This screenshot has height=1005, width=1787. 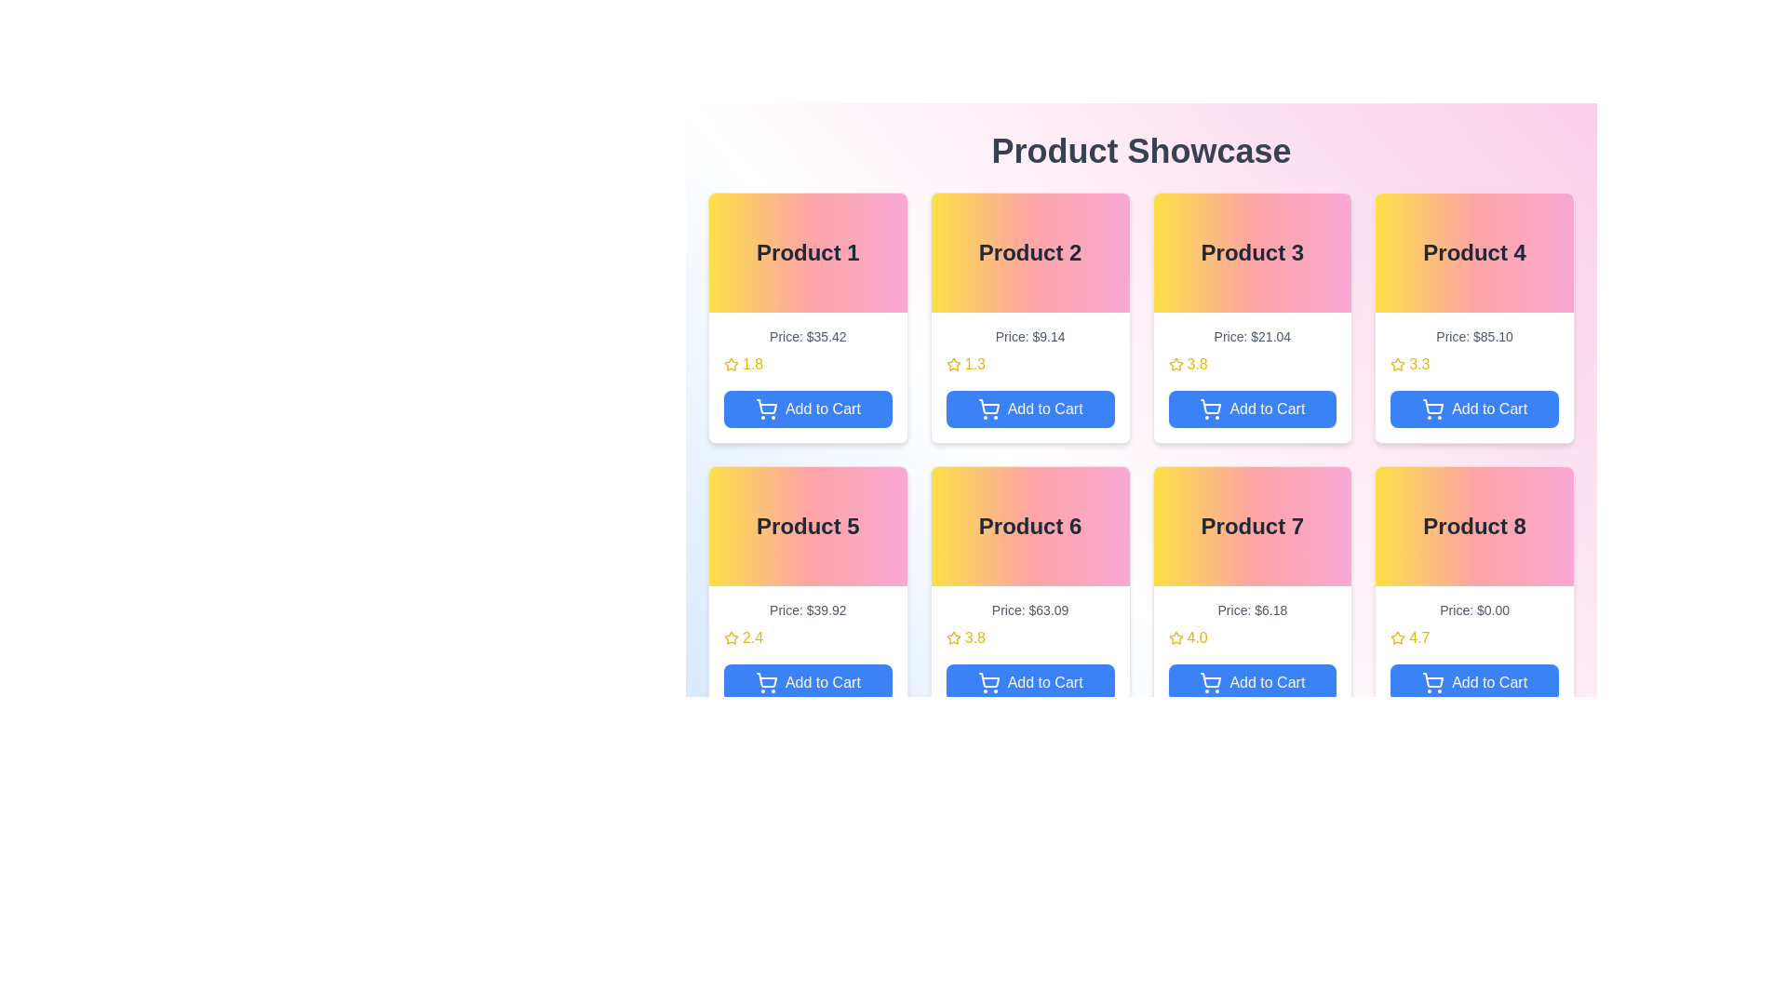 I want to click on the first star icon in the rating system of the product card for 'Product 1', so click(x=731, y=365).